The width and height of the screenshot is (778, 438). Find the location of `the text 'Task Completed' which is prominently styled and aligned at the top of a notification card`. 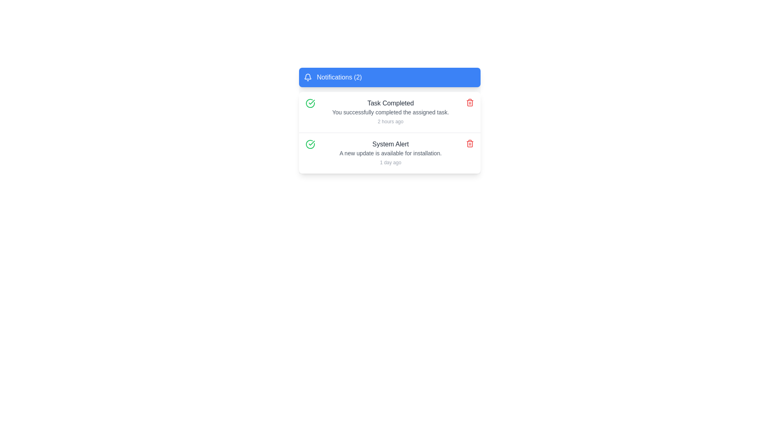

the text 'Task Completed' which is prominently styled and aligned at the top of a notification card is located at coordinates (391, 103).